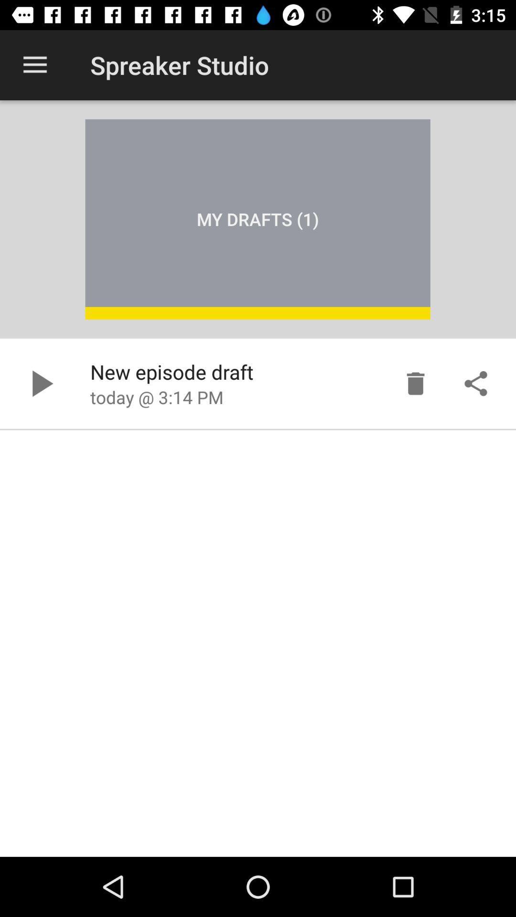  What do you see at coordinates (40, 384) in the screenshot?
I see `button` at bounding box center [40, 384].